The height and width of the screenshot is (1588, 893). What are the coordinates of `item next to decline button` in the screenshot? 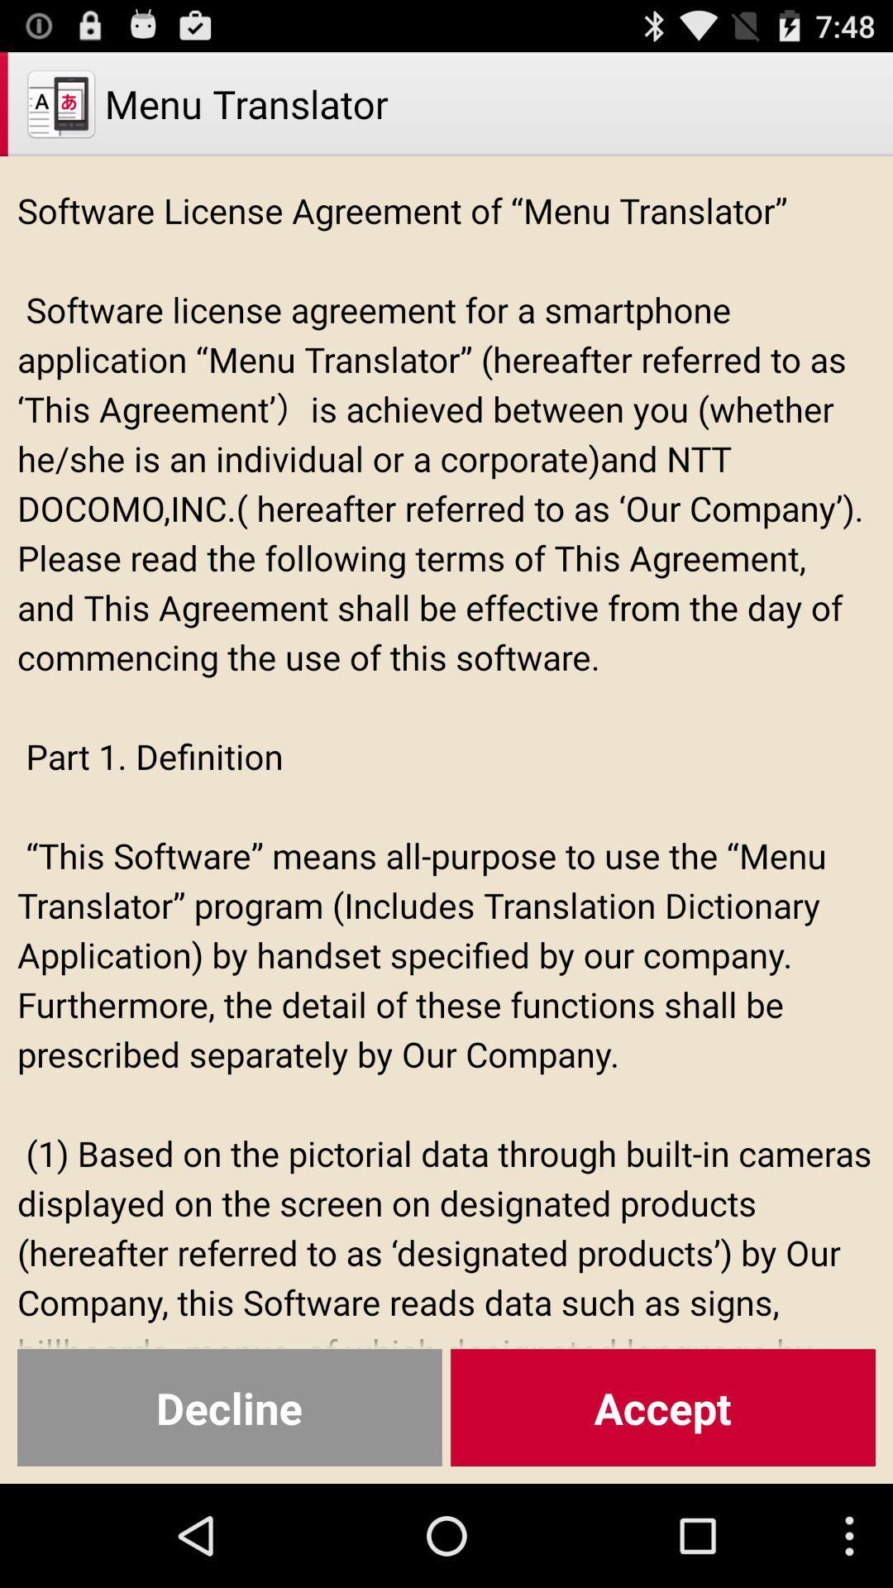 It's located at (662, 1407).